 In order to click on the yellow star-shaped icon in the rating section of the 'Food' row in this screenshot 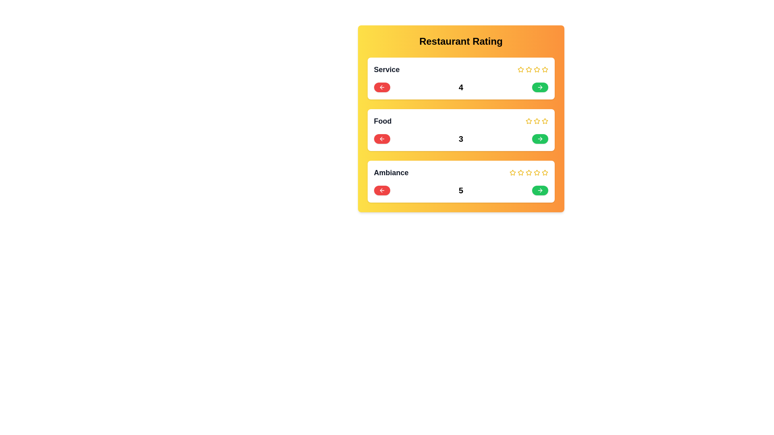, I will do `click(536, 121)`.